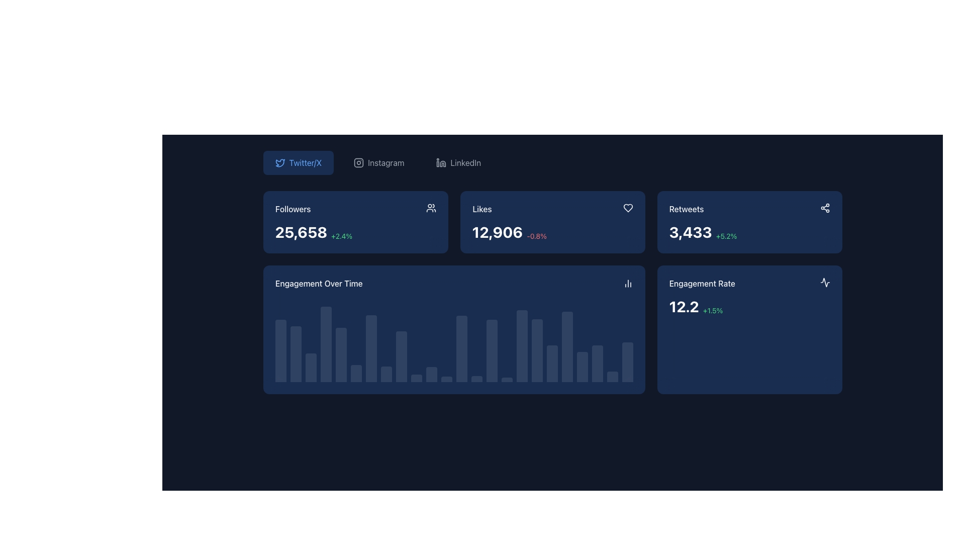  What do you see at coordinates (453, 329) in the screenshot?
I see `the data presented in the Visual data card titled 'Engagement Over Time', which features a dark blue background and a bar chart` at bounding box center [453, 329].